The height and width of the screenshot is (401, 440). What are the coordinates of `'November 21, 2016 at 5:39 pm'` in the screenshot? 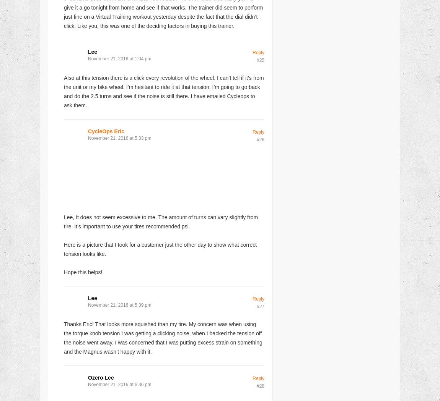 It's located at (119, 304).